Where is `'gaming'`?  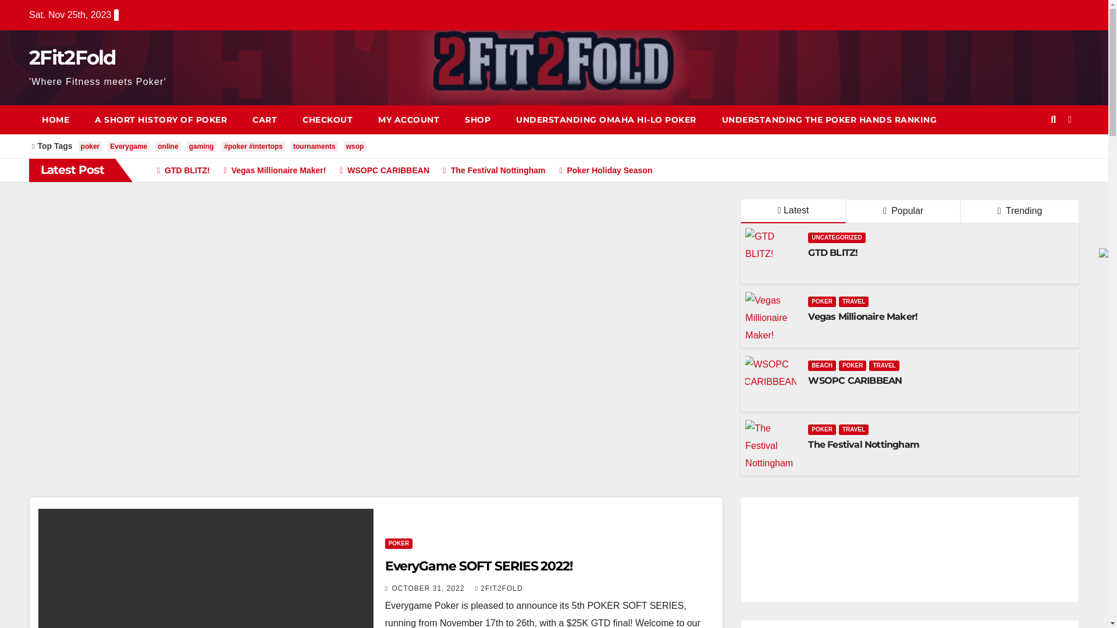 'gaming' is located at coordinates (201, 145).